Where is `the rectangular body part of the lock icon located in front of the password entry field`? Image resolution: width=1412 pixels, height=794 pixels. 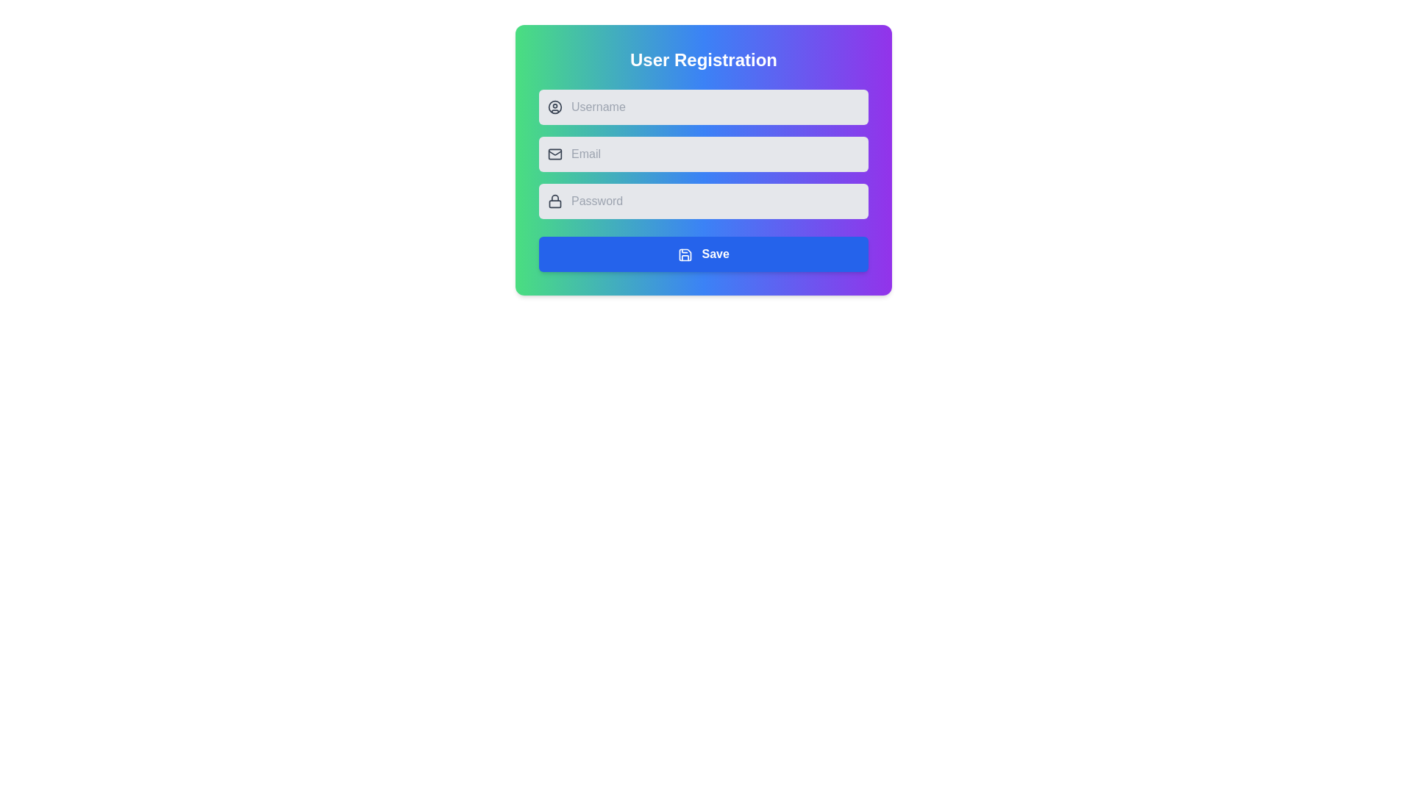
the rectangular body part of the lock icon located in front of the password entry field is located at coordinates (554, 204).